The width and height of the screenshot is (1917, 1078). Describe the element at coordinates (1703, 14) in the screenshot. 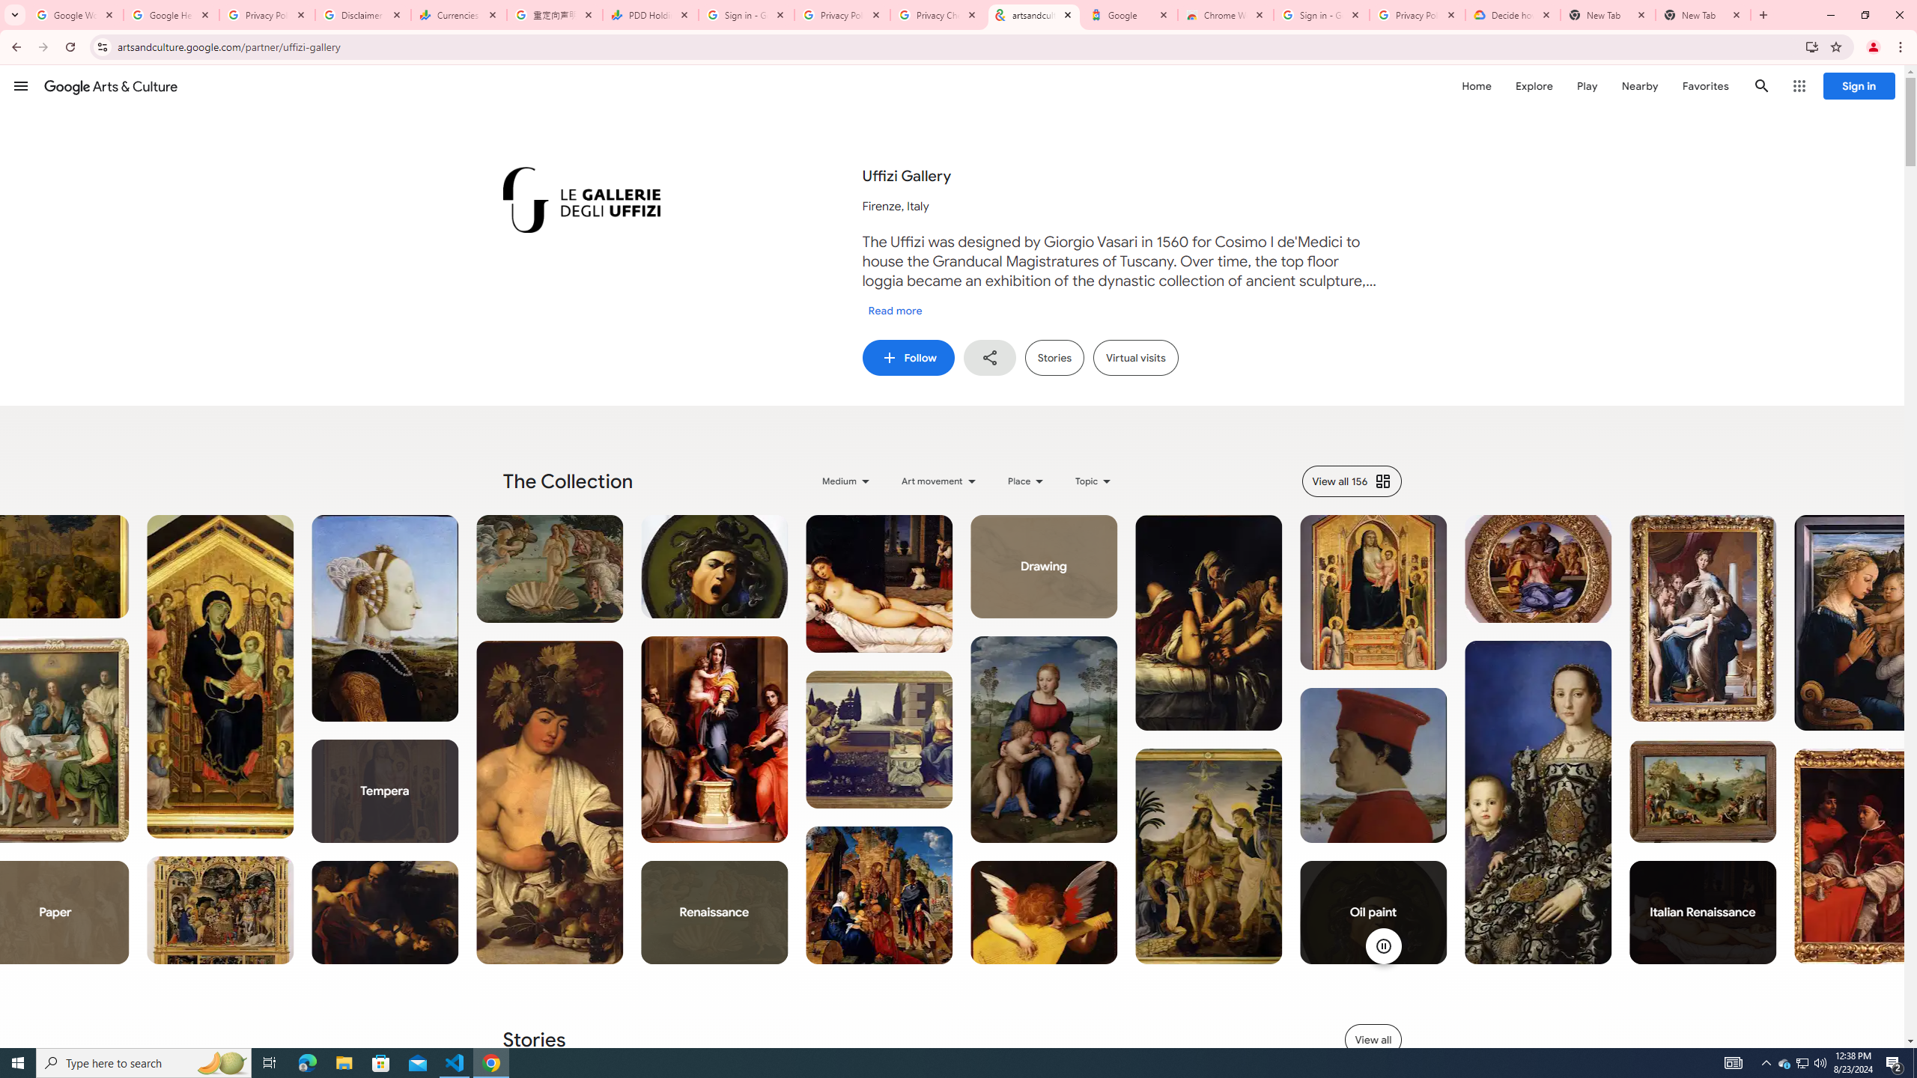

I see `'New Tab'` at that location.